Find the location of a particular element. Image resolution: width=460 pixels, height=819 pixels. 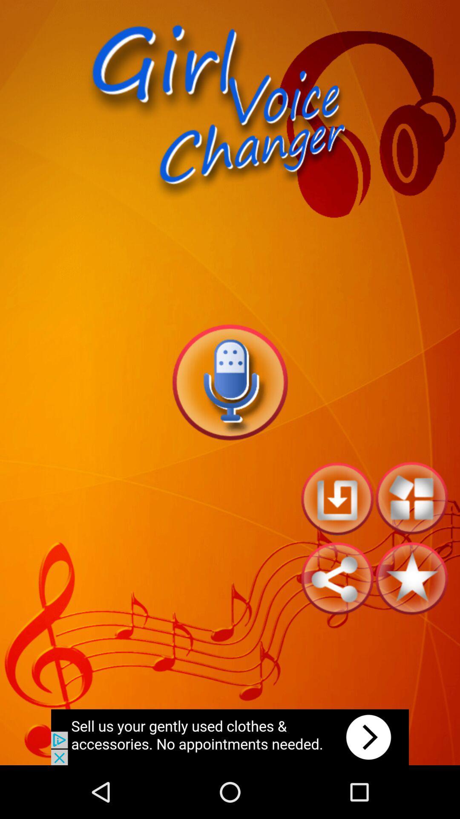

switch recording option is located at coordinates (229, 382).